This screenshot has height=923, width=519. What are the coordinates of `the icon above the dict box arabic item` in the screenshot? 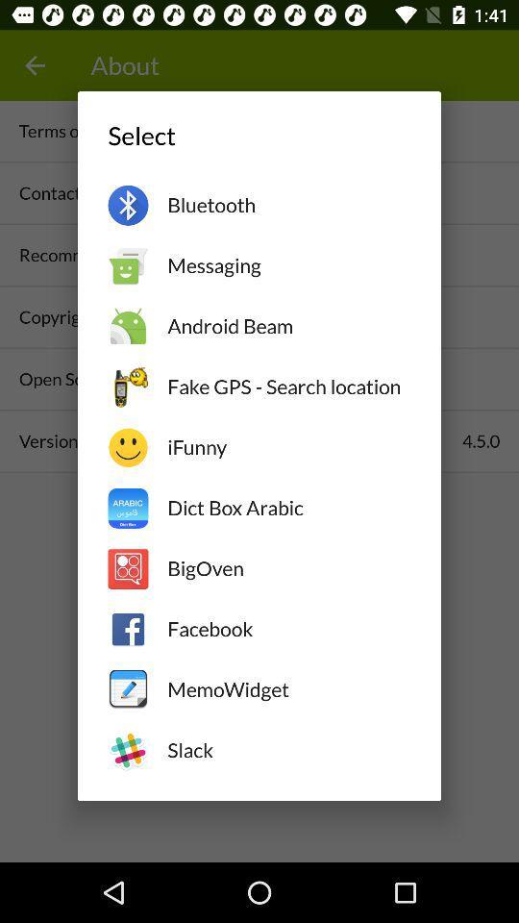 It's located at (287, 447).